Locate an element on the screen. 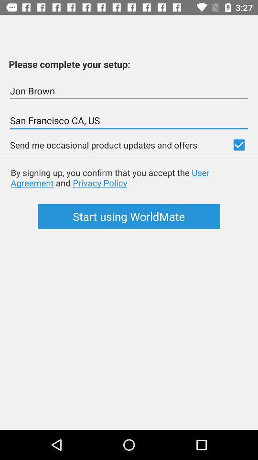 This screenshot has height=460, width=258. check for updates offers is located at coordinates (238, 145).